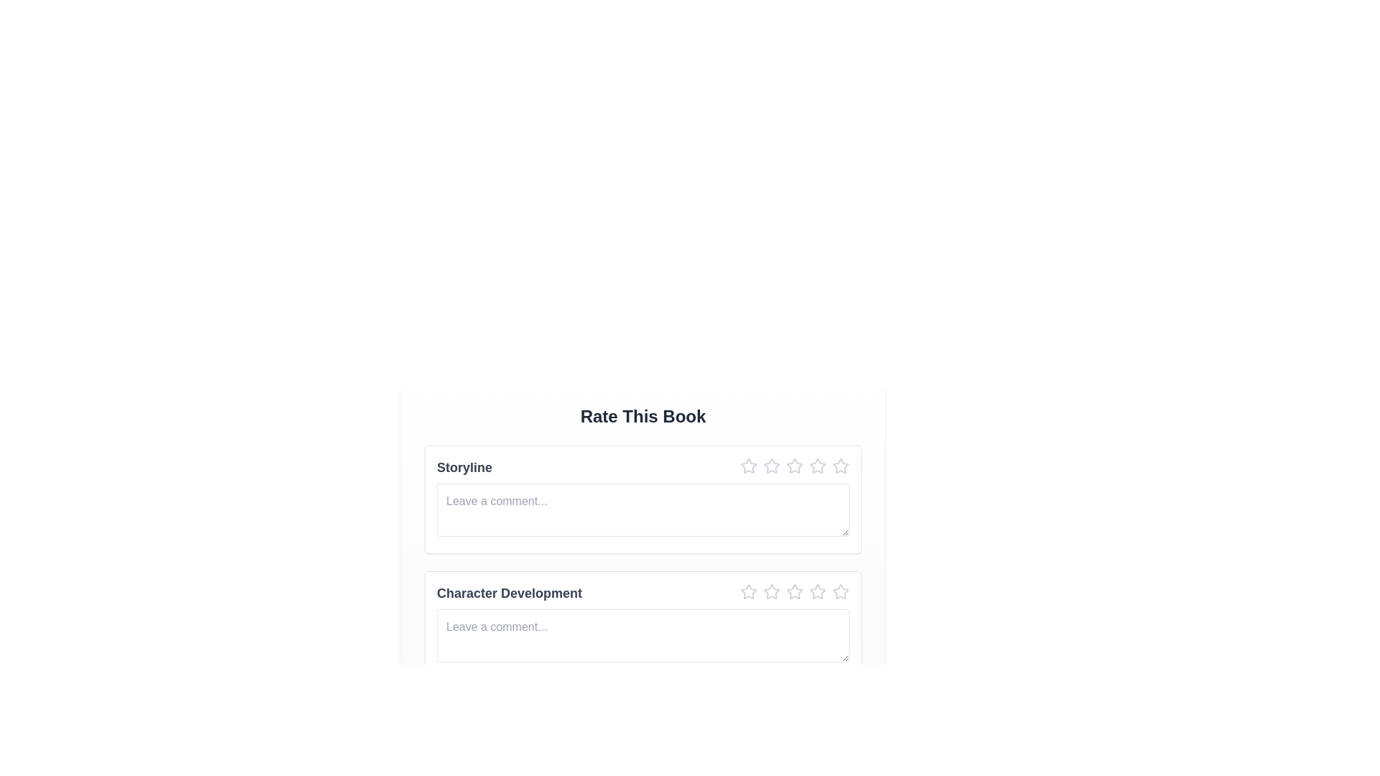 This screenshot has height=776, width=1380. Describe the element at coordinates (747, 592) in the screenshot. I see `the first star icon in the five-star rating system under the 'Rate This Book' header to assign a rating of 1 star` at that location.